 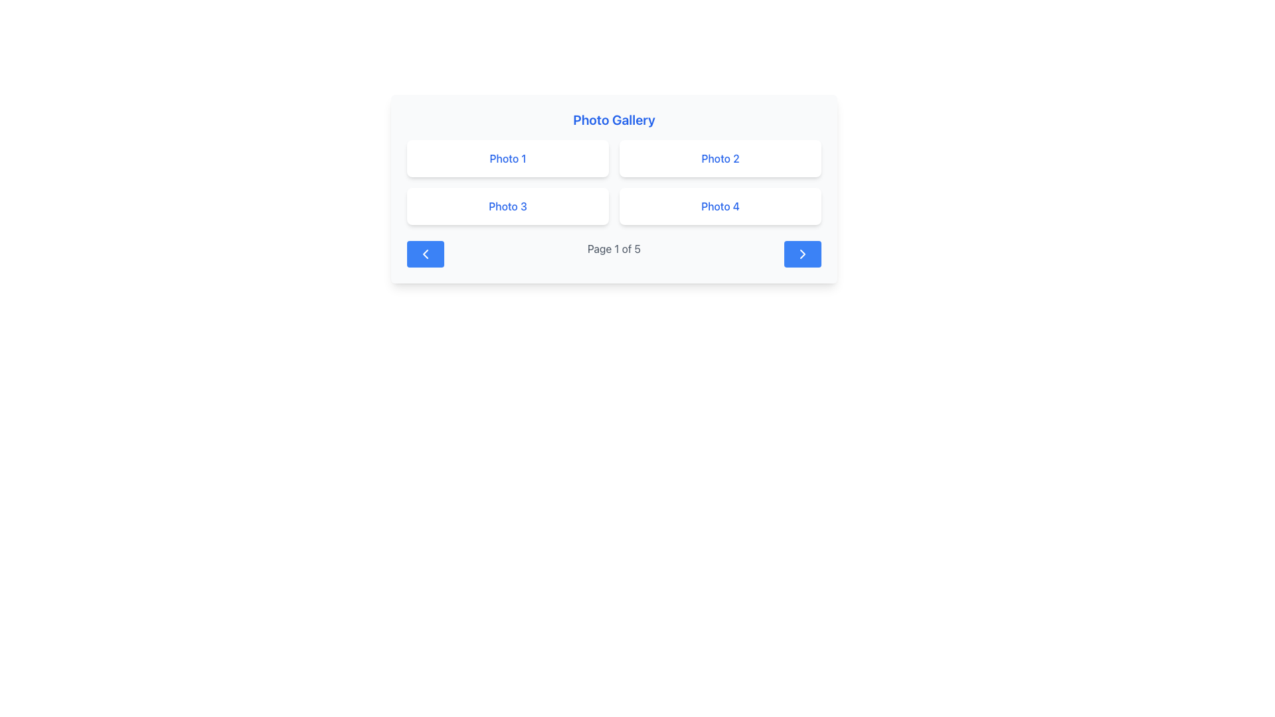 What do you see at coordinates (507, 158) in the screenshot?
I see `the text label 'Photo 1' located at the top-left cell of a 2x2 grid layout in the central area of the photo gallery` at bounding box center [507, 158].